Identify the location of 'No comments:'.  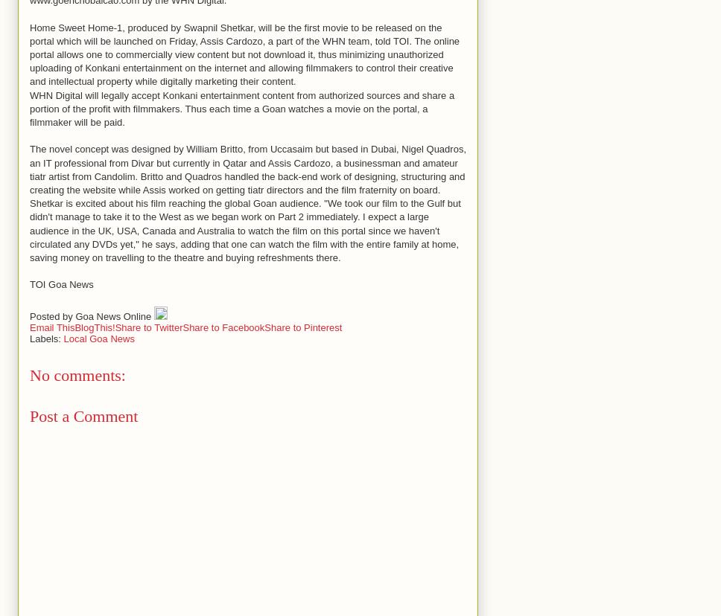
(29, 375).